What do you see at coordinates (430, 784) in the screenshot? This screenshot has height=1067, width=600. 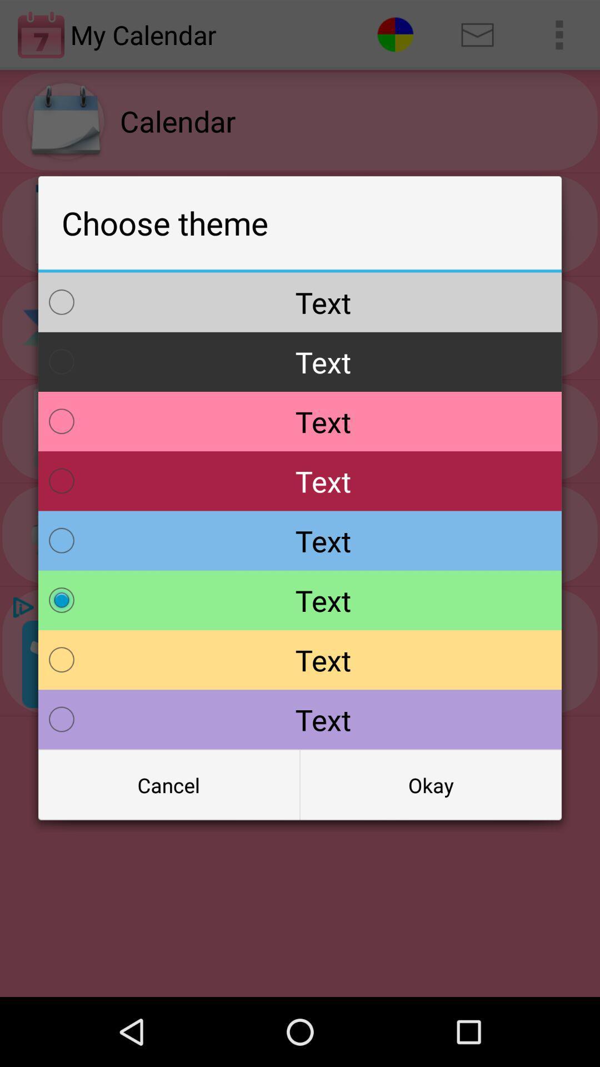 I see `the icon next to the cancel icon` at bounding box center [430, 784].